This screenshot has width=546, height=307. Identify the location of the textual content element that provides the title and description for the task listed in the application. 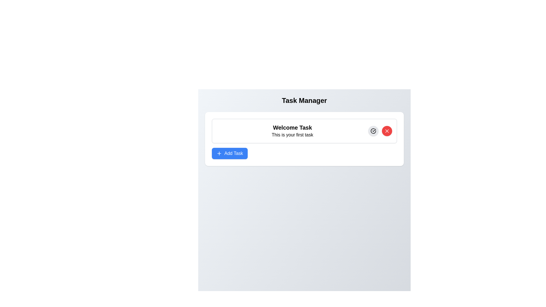
(292, 131).